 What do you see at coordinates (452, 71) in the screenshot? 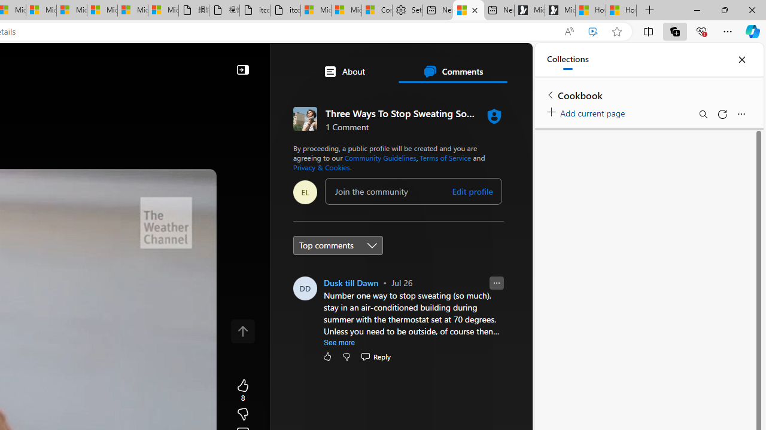
I see `'Comments'` at bounding box center [452, 71].